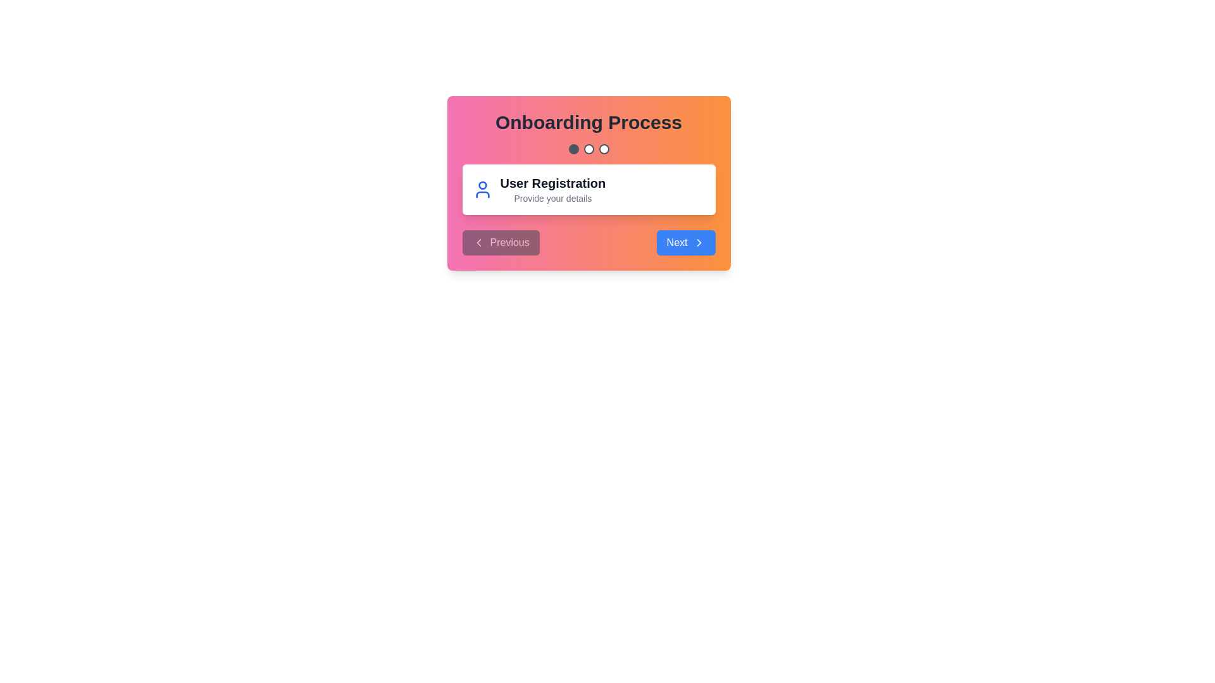 The height and width of the screenshot is (683, 1215). What do you see at coordinates (573, 148) in the screenshot?
I see `the leftmost progress indicator dot, which is a small dark gray circular indicator with a lighter gray border, located at the top center of the card titled 'Onboarding Process'` at bounding box center [573, 148].